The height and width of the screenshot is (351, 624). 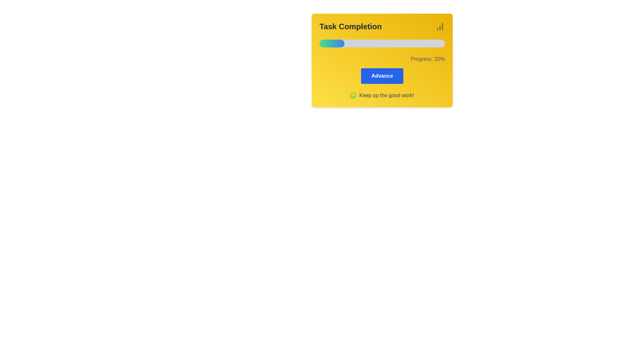 What do you see at coordinates (382, 44) in the screenshot?
I see `the progress status of the horizontal progress bar styled with a gradient color fill, located under the header 'Task Completion' and above the text 'Progress: 20%'` at bounding box center [382, 44].